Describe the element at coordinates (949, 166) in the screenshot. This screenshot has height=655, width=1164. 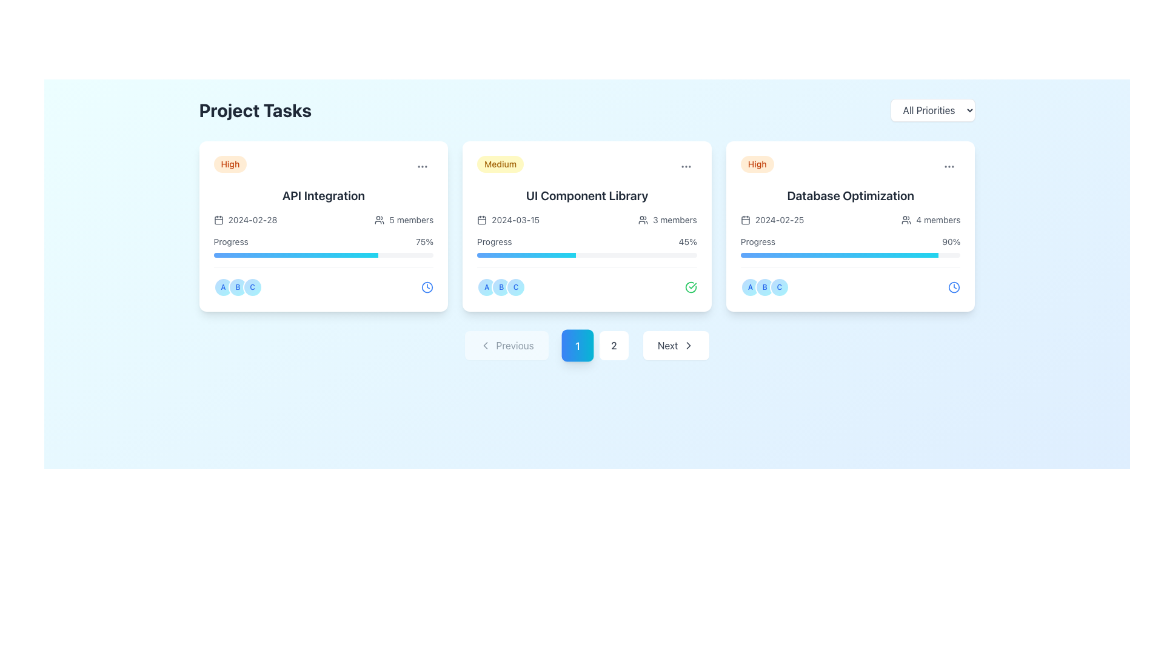
I see `the horizontal ellipsis icon located in the right-top corner of the 'Database Optimization' card above the progress bar` at that location.